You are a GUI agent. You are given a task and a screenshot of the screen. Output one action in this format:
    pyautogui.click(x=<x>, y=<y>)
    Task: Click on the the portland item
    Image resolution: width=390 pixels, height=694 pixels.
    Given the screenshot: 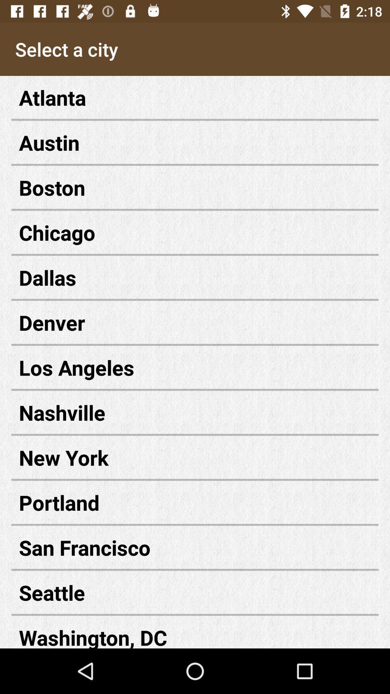 What is the action you would take?
    pyautogui.click(x=195, y=502)
    